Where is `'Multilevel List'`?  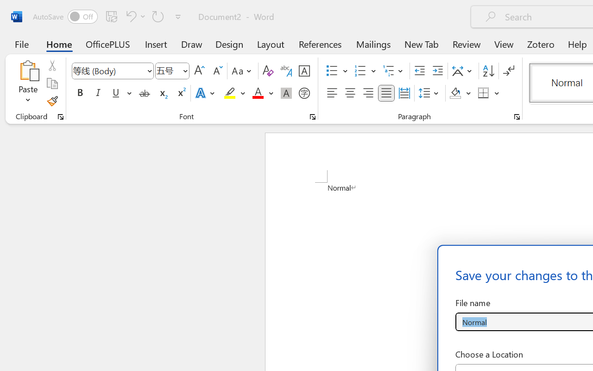 'Multilevel List' is located at coordinates (394, 71).